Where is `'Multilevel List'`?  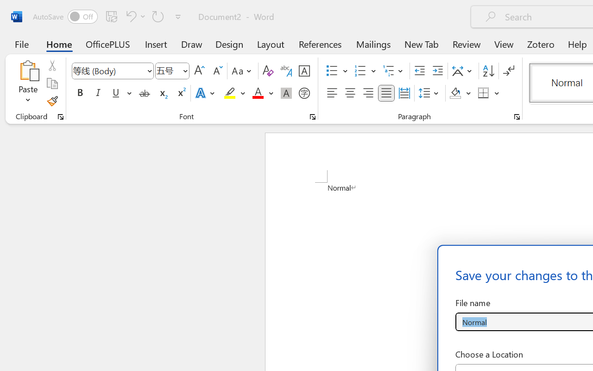 'Multilevel List' is located at coordinates (394, 71).